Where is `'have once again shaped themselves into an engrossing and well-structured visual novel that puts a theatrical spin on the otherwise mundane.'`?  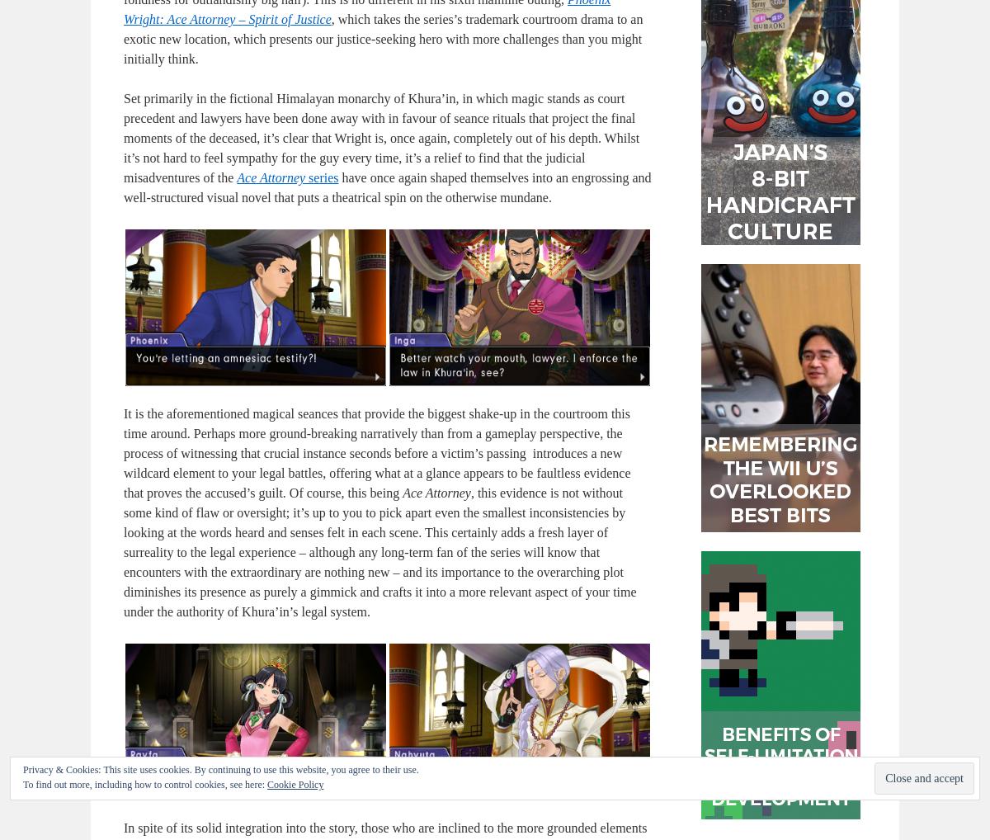
'have once again shaped themselves into an engrossing and well-structured visual novel that puts a theatrical spin on the otherwise mundane.' is located at coordinates (386, 186).